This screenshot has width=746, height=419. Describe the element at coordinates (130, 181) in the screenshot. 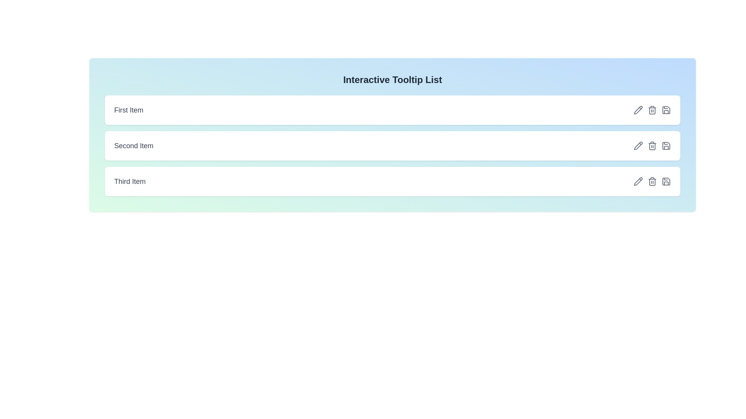

I see `the non-interactive label identifying the third entry in the vertical list of components` at that location.